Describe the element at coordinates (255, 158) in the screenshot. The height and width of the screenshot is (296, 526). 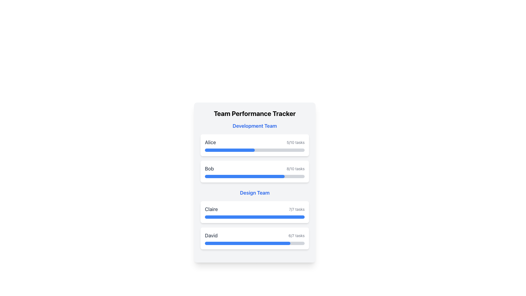
I see `text displayed in the Task progress display component located under the title 'Development Team', which summarizes the tasks completed versus total tasks for team members Alice and Bob` at that location.